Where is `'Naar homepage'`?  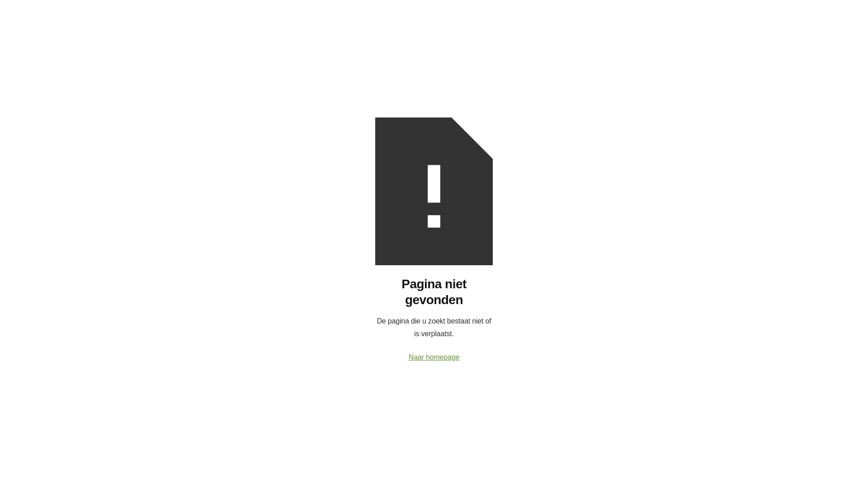 'Naar homepage' is located at coordinates (434, 357).